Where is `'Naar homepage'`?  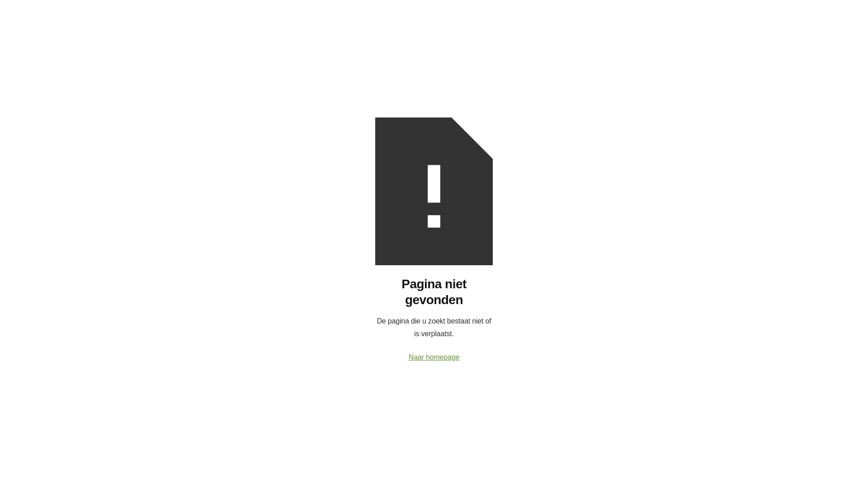 'Naar homepage' is located at coordinates (434, 357).